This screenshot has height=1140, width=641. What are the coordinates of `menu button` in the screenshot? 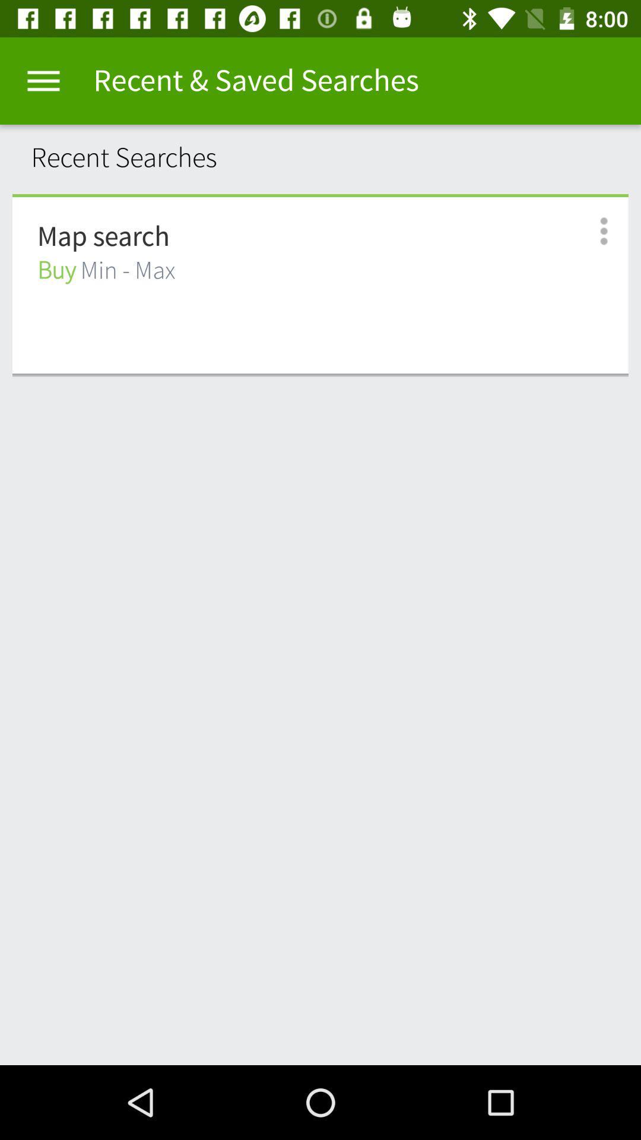 It's located at (43, 80).